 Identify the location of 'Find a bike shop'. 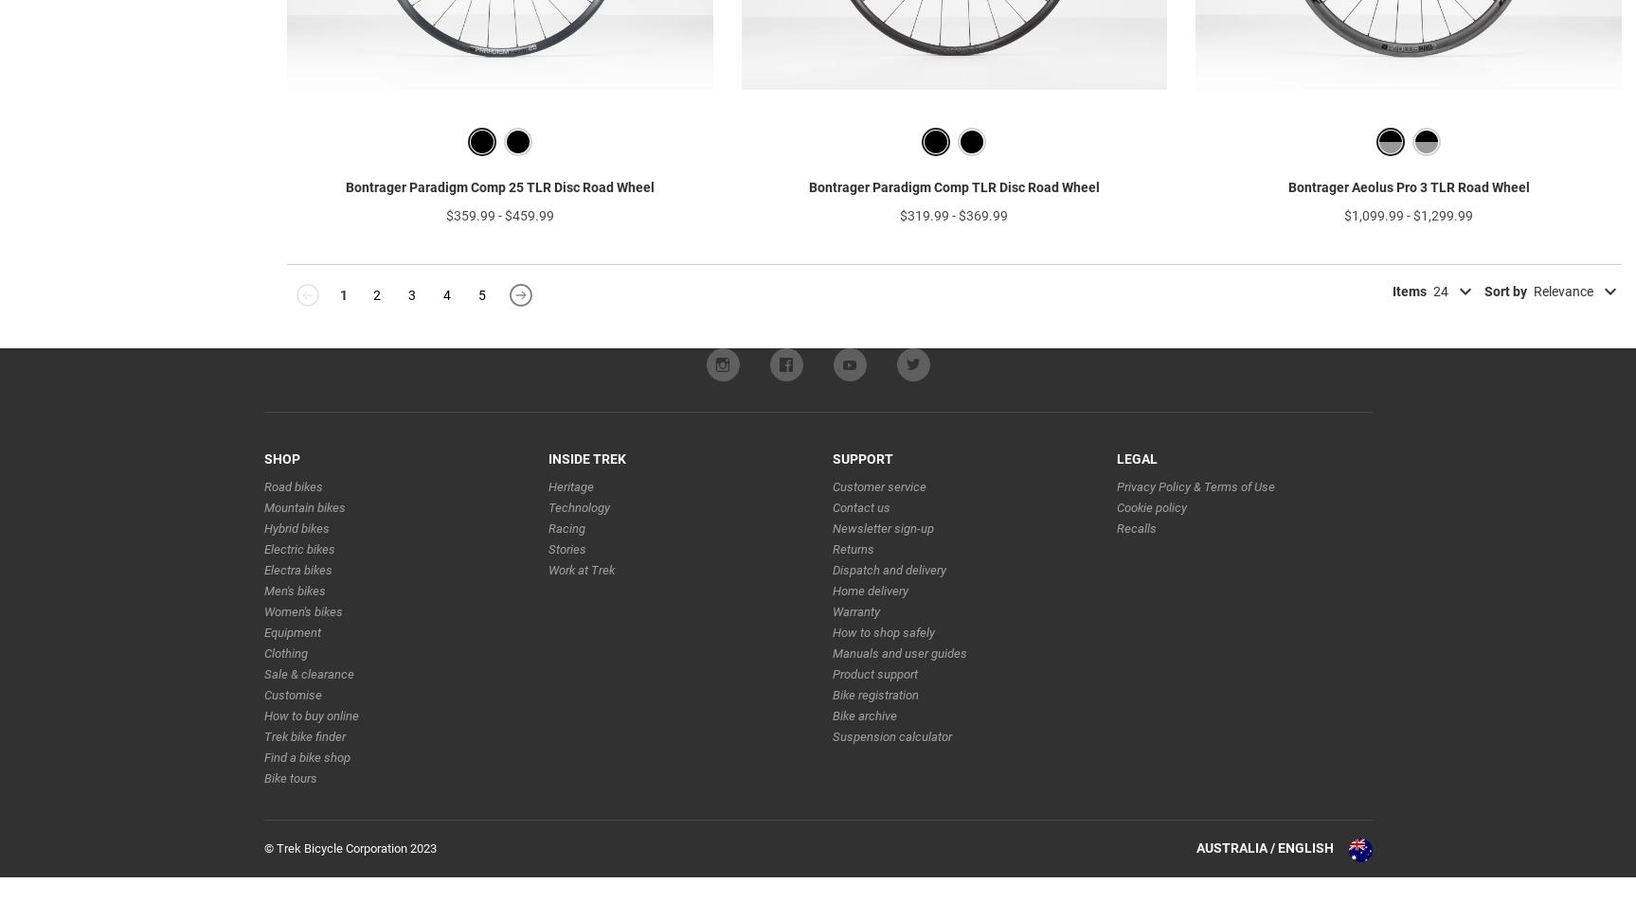
(305, 786).